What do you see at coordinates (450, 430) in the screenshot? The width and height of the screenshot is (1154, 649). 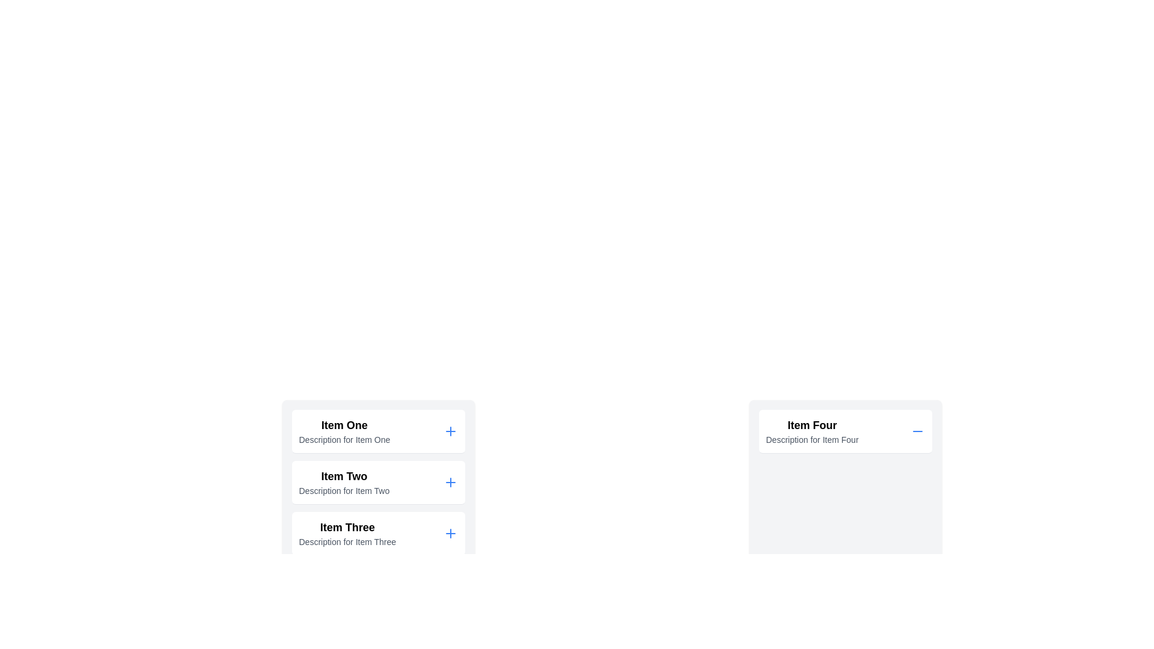 I see `the plus button next to Item One in the source list to transfer it to the target list` at bounding box center [450, 430].